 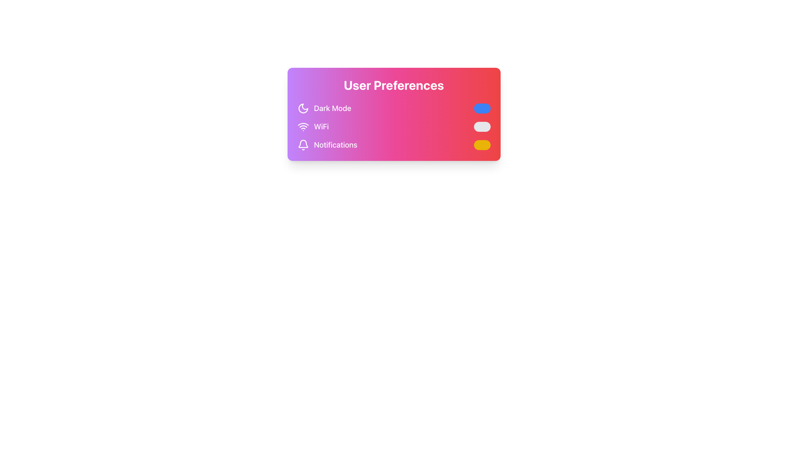 What do you see at coordinates (313, 126) in the screenshot?
I see `the associated WiFi icon visually` at bounding box center [313, 126].